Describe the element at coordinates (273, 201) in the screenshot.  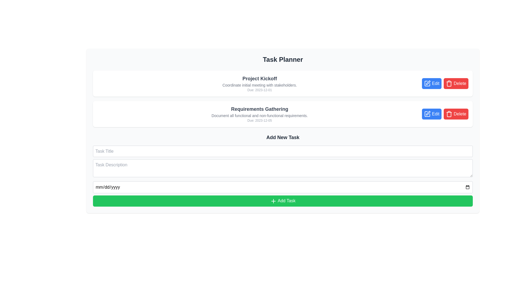
I see `the center of the green button labeled 'Add Task'` at that location.